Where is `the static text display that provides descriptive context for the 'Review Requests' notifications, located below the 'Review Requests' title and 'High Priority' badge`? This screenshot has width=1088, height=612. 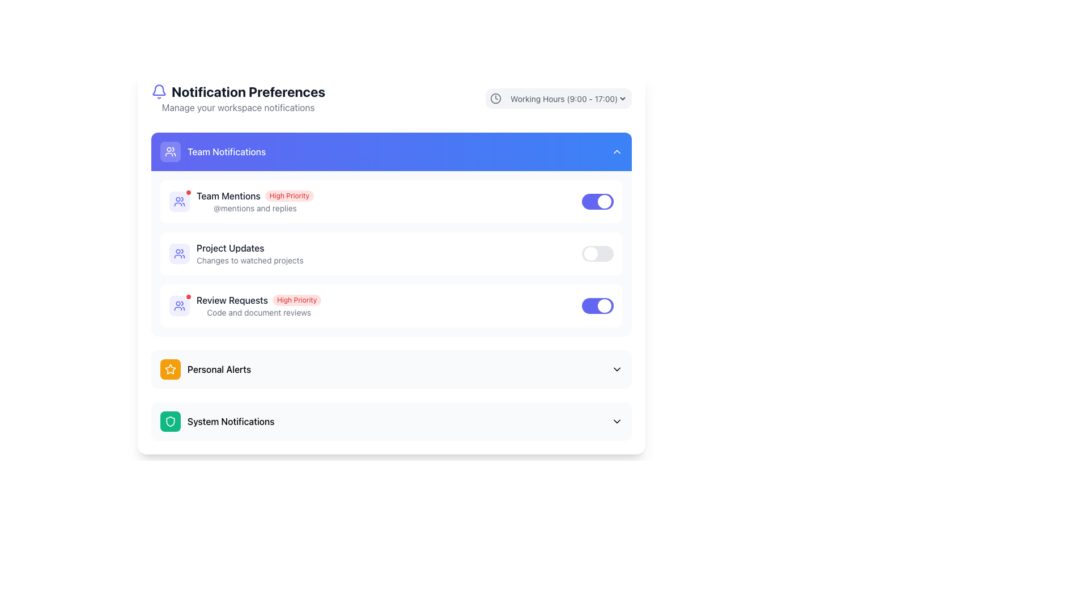
the static text display that provides descriptive context for the 'Review Requests' notifications, located below the 'Review Requests' title and 'High Priority' badge is located at coordinates (258, 312).